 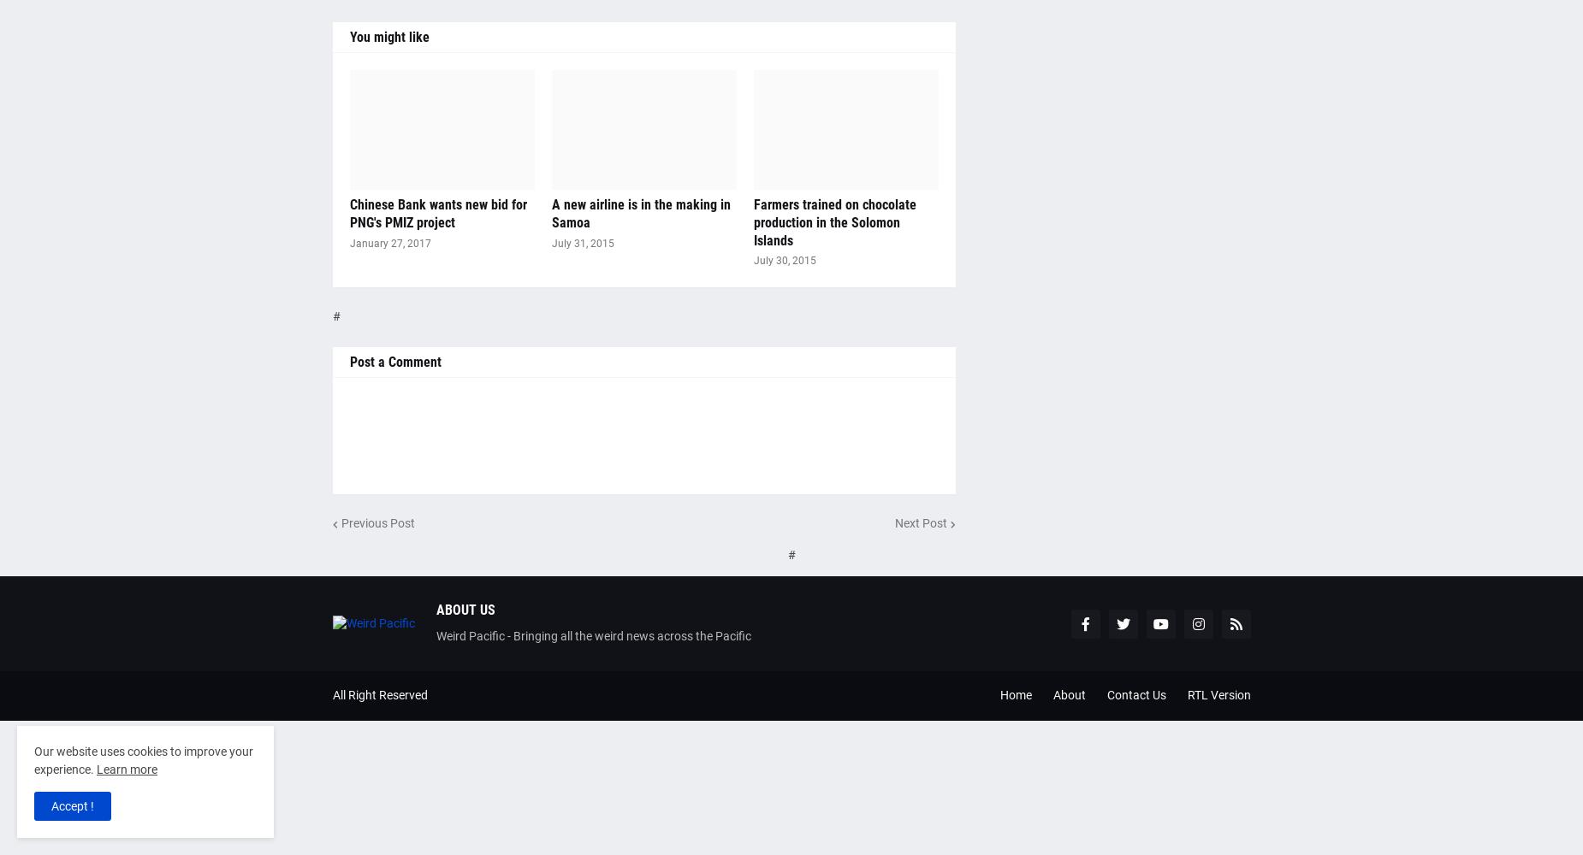 What do you see at coordinates (71, 805) in the screenshot?
I see `'Accept !'` at bounding box center [71, 805].